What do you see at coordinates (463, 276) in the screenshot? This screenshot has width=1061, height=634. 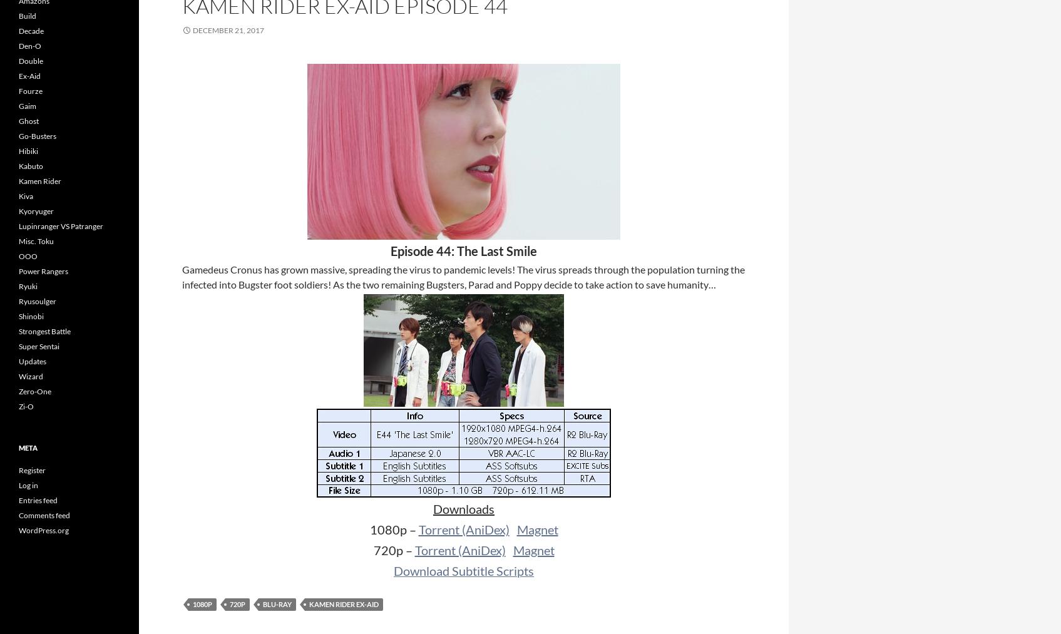 I see `'Gamedeus Cronus has grown massive, spreading the virus to pandemic levels! The virus spreads through the population turning the infected into Bugster foot soldiers! As the two remaining Bugsters, Parad and Poppy decide to take action to save humanity…'` at bounding box center [463, 276].